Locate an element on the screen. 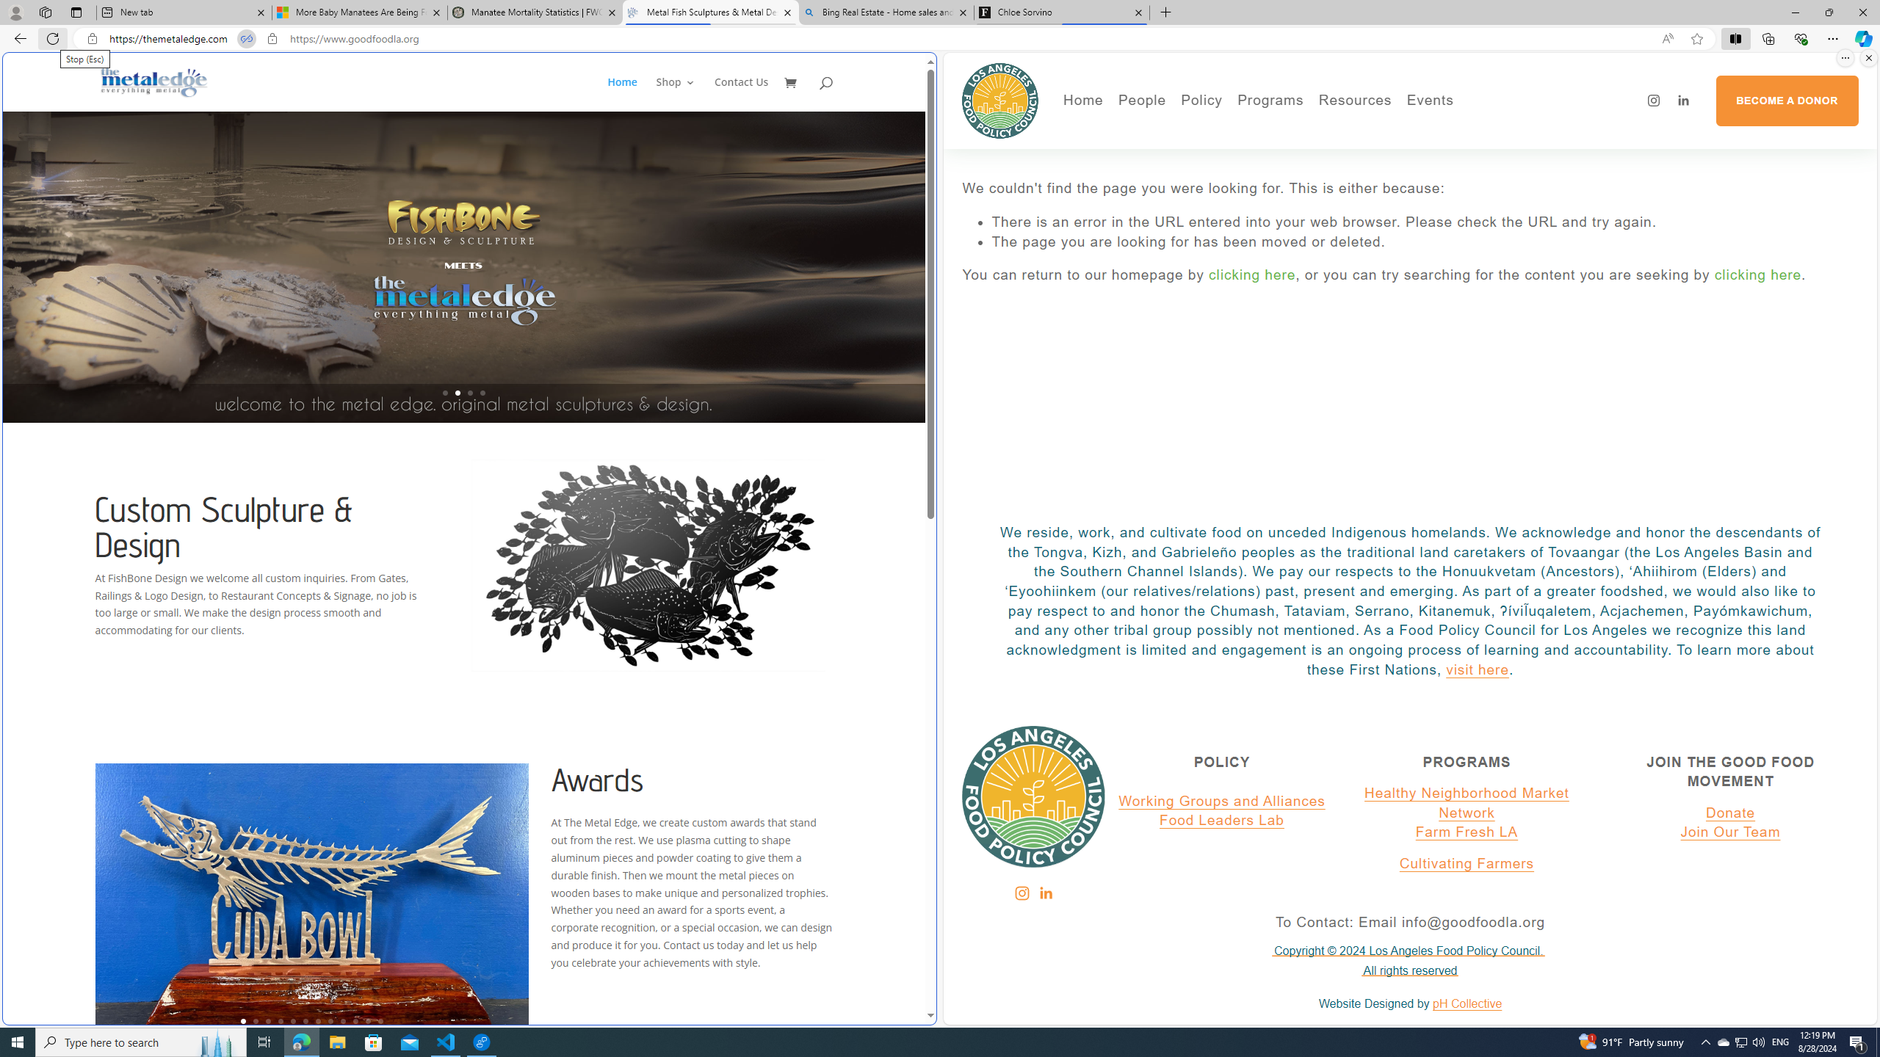 Image resolution: width=1880 pixels, height=1057 pixels. 'Working Groups and Alliances' is located at coordinates (1221, 801).